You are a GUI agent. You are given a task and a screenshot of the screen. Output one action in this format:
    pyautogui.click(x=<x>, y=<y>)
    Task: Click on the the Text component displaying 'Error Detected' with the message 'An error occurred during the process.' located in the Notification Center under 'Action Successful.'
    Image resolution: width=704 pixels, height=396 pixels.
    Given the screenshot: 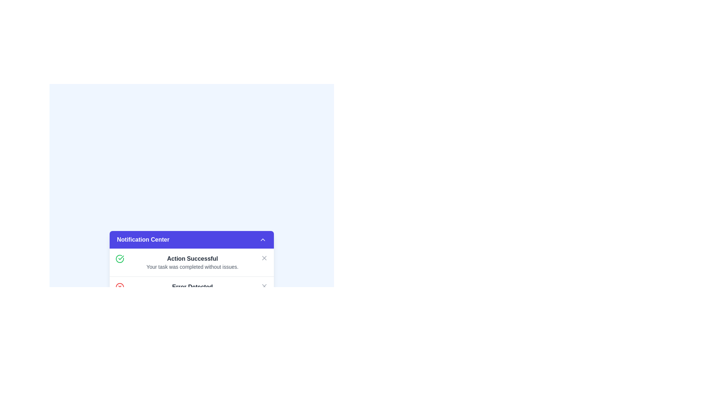 What is the action you would take?
    pyautogui.click(x=192, y=290)
    